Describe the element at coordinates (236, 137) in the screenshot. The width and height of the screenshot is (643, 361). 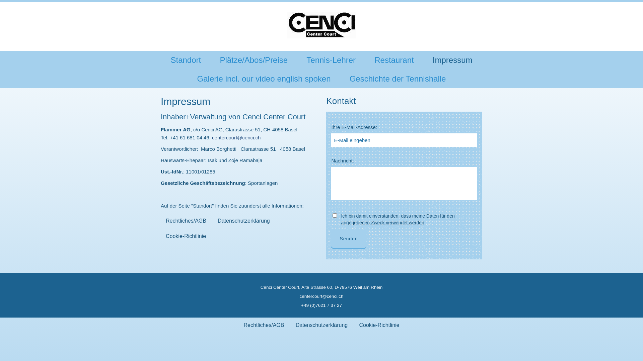
I see `'centercourt@cenci.ch'` at that location.